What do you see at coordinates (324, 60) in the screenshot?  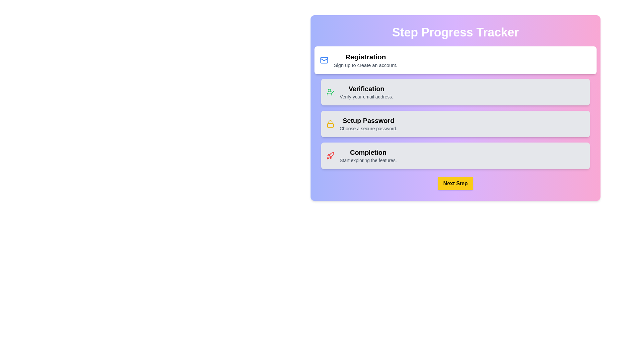 I see `the Decorative SVG graphic representing the envelope icon located in the 'Registration' row of the vertical step progress tracker, aligned to the left of the text 'Registration'` at bounding box center [324, 60].